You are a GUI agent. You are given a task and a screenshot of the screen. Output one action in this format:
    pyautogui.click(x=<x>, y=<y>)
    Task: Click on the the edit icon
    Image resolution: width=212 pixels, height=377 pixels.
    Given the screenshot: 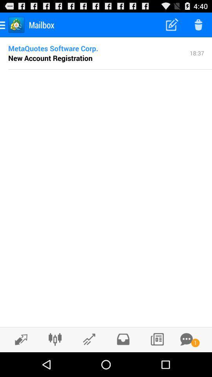 What is the action you would take?
    pyautogui.click(x=19, y=363)
    